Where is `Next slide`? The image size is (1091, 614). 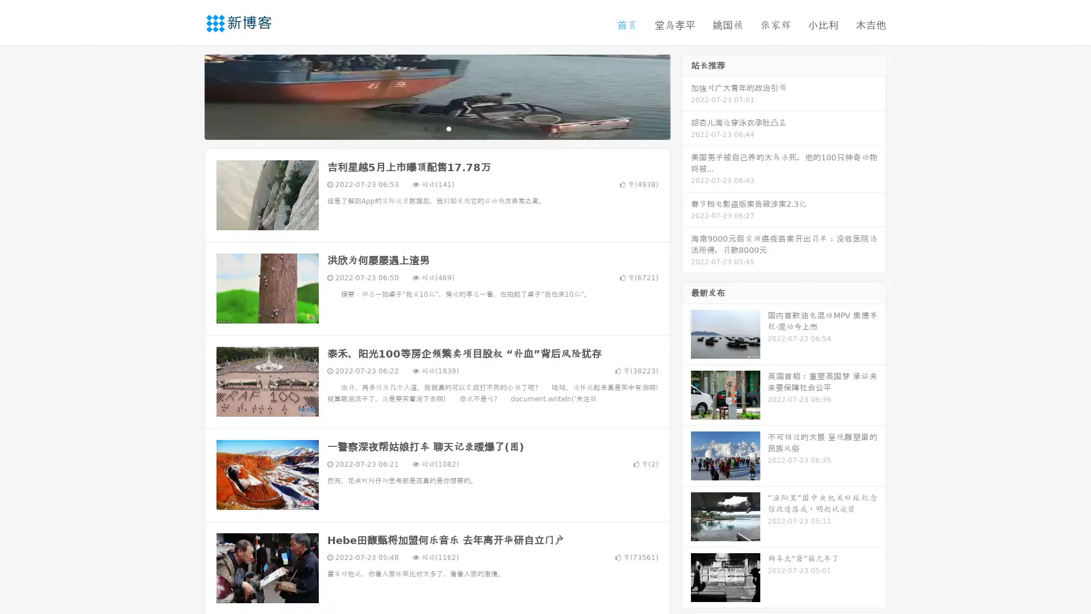 Next slide is located at coordinates (686, 96).